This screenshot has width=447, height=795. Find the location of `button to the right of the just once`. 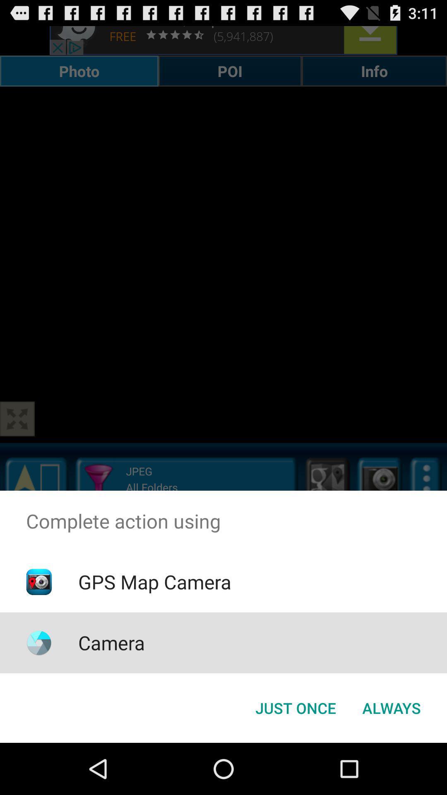

button to the right of the just once is located at coordinates (391, 707).